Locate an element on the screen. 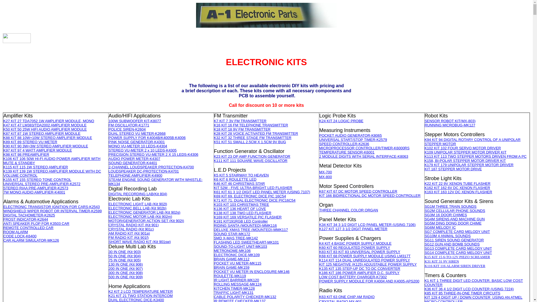 The height and width of the screenshot is (302, 537). 'SG10M 4 ANIMAL SOUNDS' is located at coordinates (447, 236).